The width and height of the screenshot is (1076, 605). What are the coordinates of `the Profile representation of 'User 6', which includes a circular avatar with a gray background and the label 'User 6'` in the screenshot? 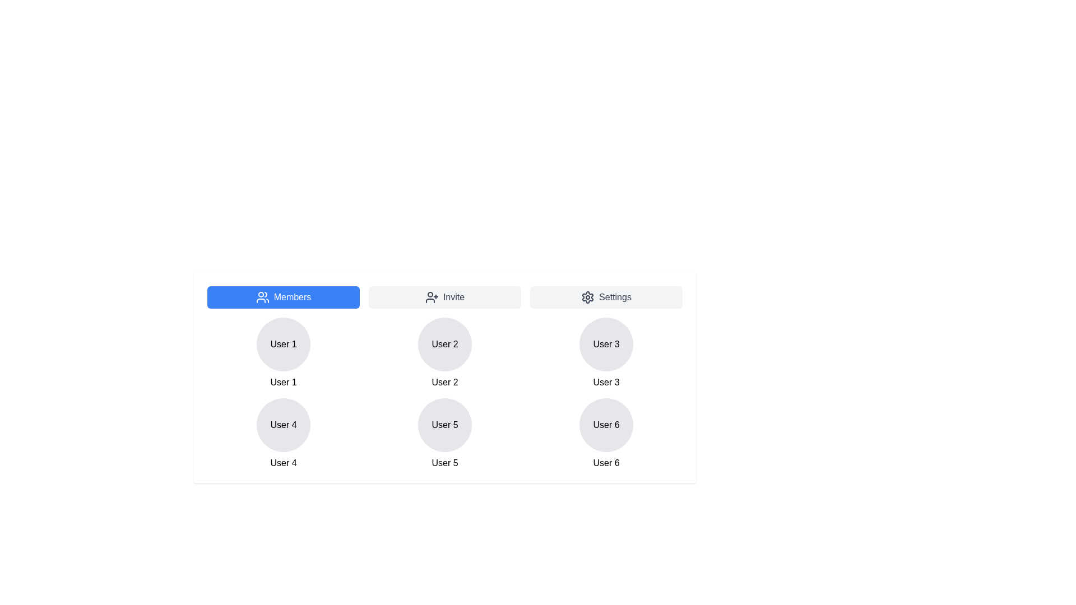 It's located at (605, 434).